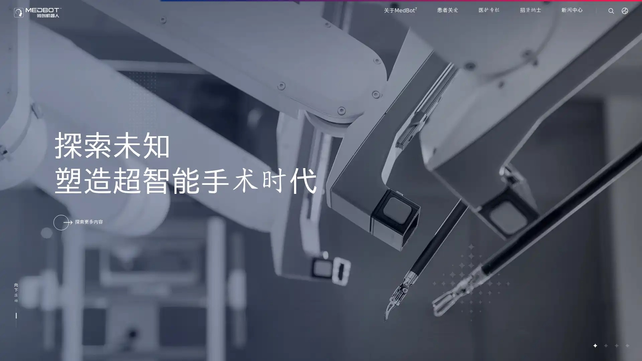 The width and height of the screenshot is (642, 361). I want to click on Go to slide 1, so click(595, 345).